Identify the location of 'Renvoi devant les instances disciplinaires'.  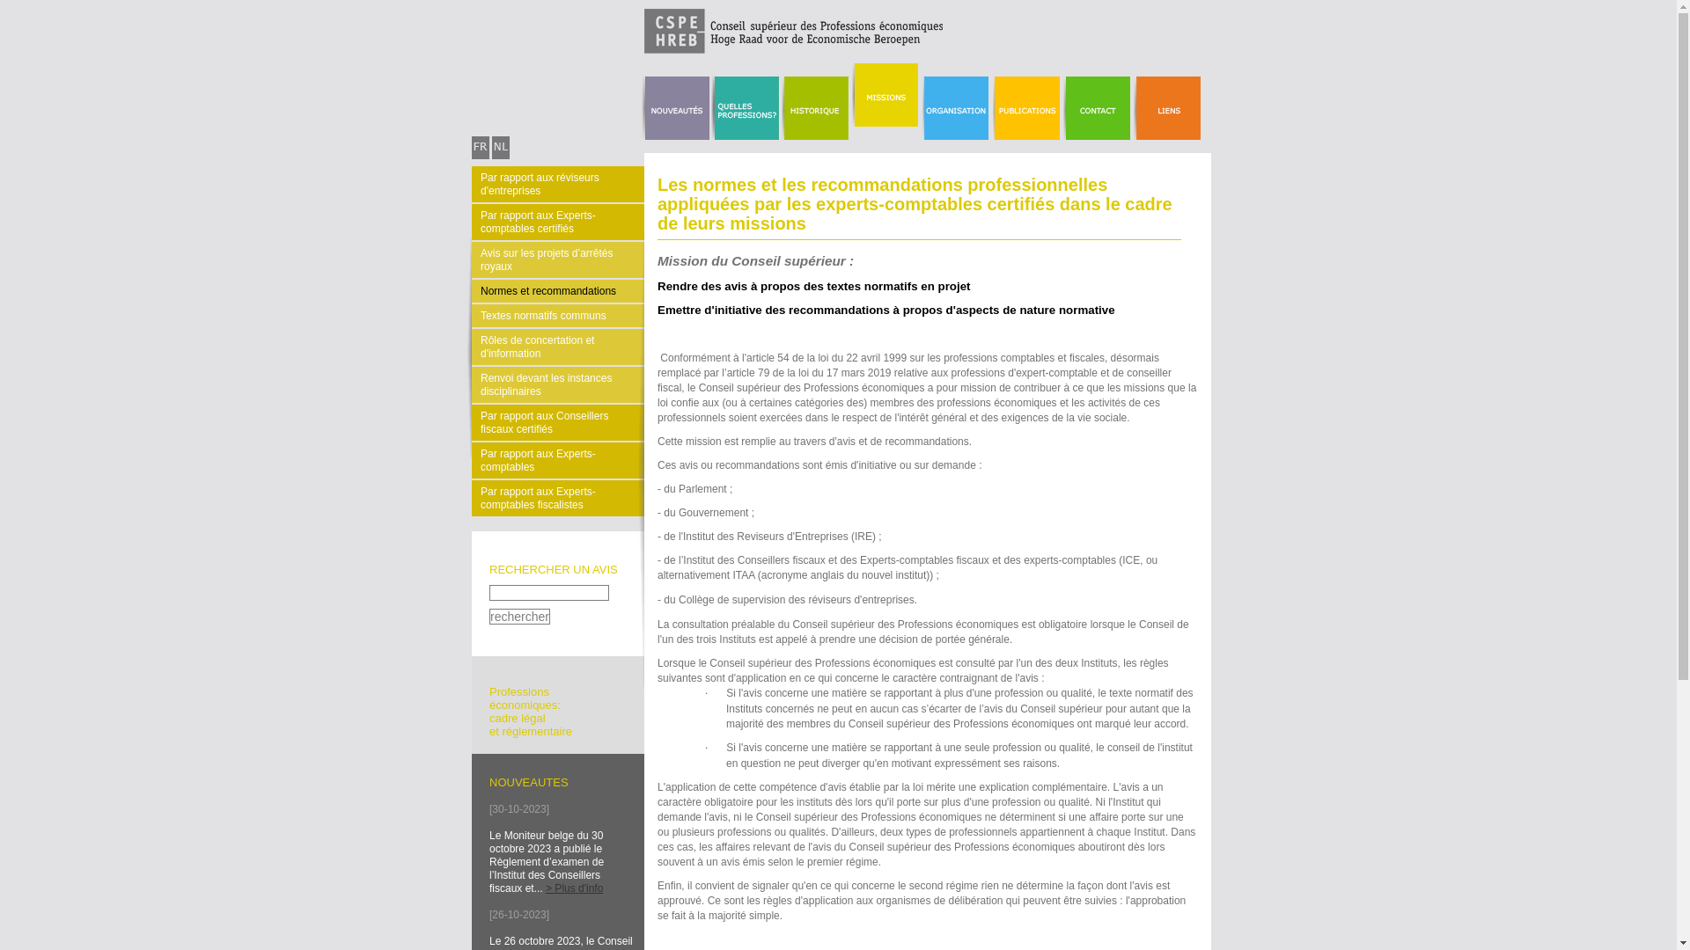
(556, 384).